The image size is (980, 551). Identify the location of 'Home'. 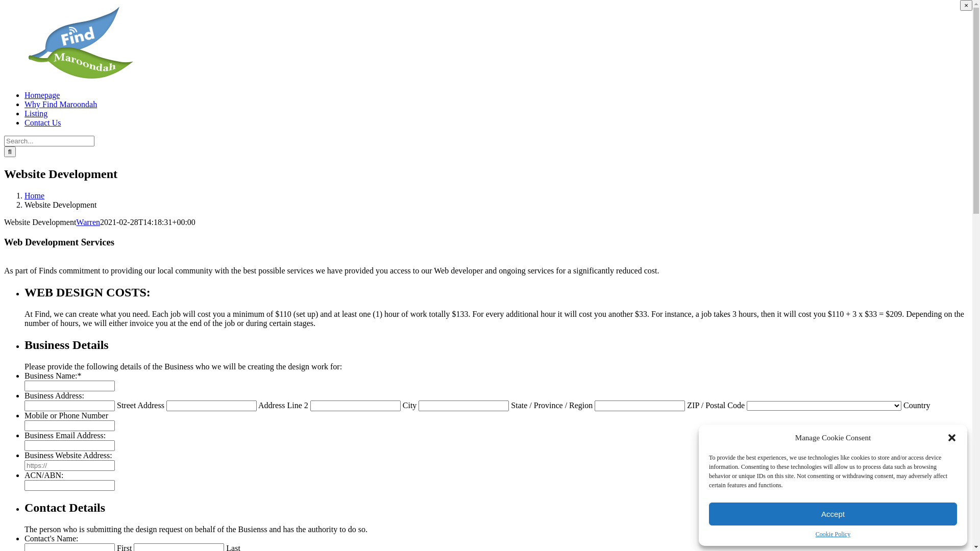
(34, 195).